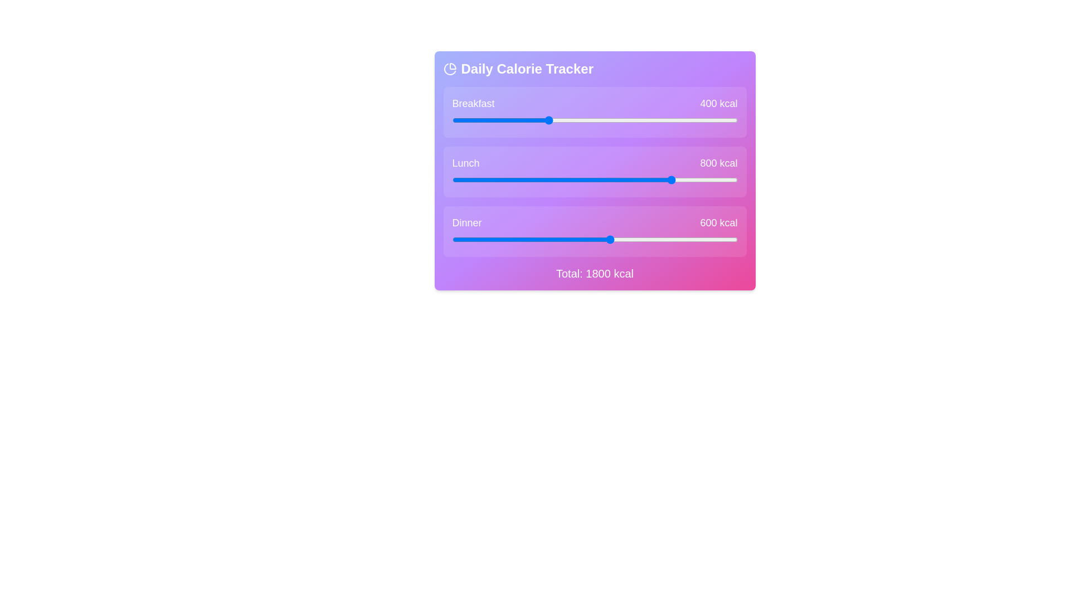 This screenshot has height=602, width=1070. Describe the element at coordinates (596, 120) in the screenshot. I see `the breakfast calorie value` at that location.